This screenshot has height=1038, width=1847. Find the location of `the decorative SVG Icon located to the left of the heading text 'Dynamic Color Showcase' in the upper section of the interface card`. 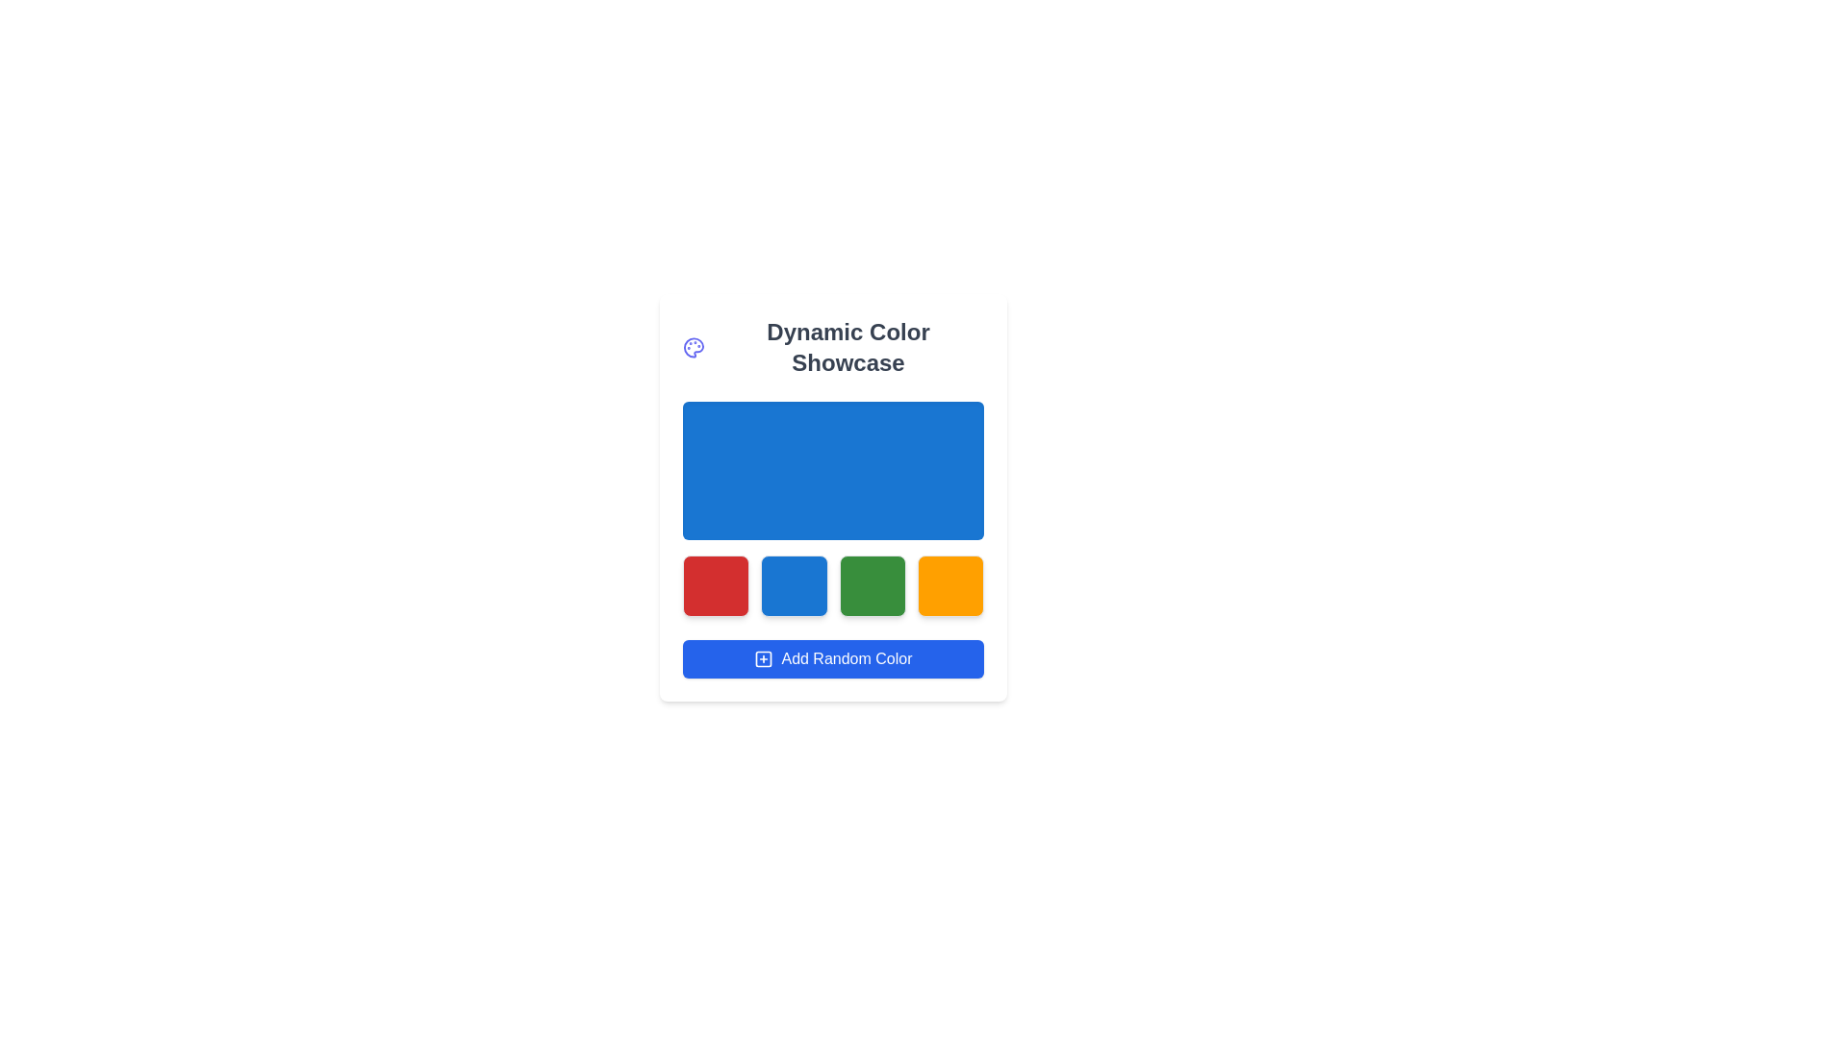

the decorative SVG Icon located to the left of the heading text 'Dynamic Color Showcase' in the upper section of the interface card is located at coordinates (693, 348).